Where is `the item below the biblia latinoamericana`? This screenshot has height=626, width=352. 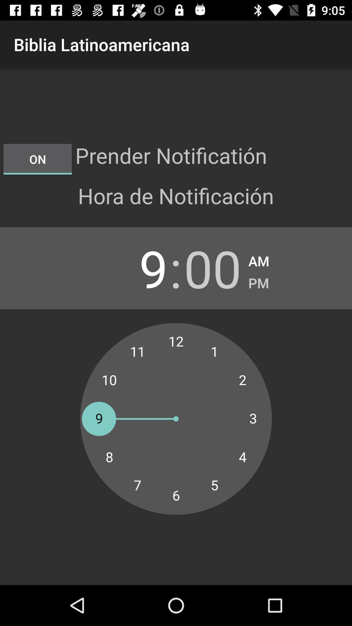
the item below the biblia latinoamericana is located at coordinates (37, 159).